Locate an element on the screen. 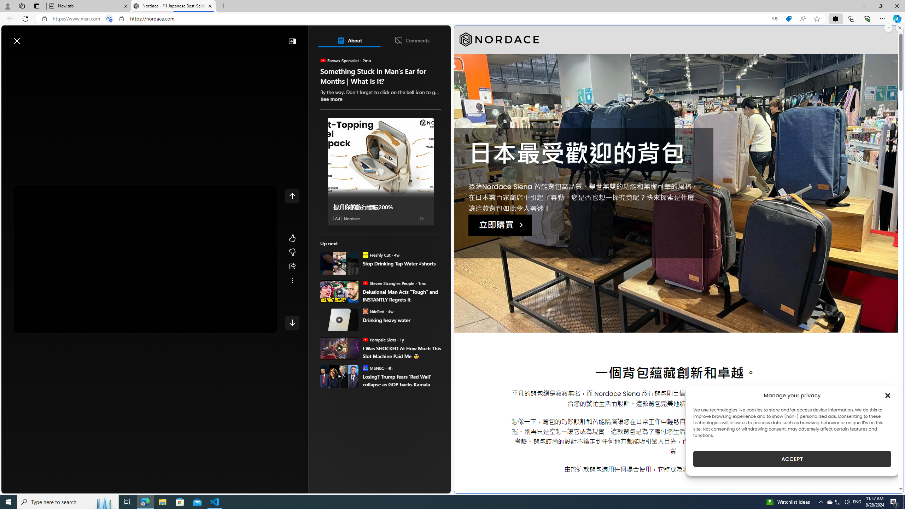 The width and height of the screenshot is (905, 509). 'Delusional Man Acts "Tough" and INSTANTLY Regrets It' is located at coordinates (402, 295).